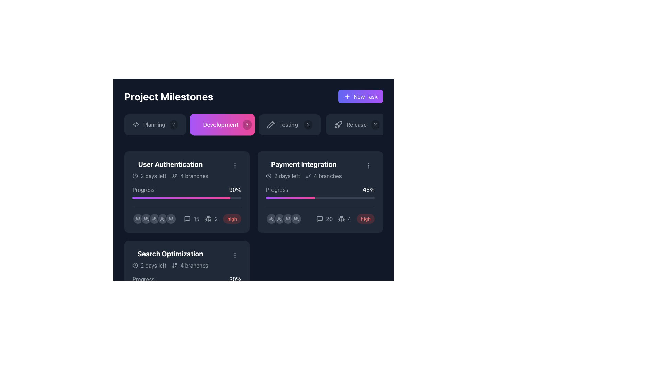  What do you see at coordinates (170, 175) in the screenshot?
I see `the Informational metadata block located under the 'User Authentication' header, which contains details about the time left to complete the task and the number of branches associated with it` at bounding box center [170, 175].